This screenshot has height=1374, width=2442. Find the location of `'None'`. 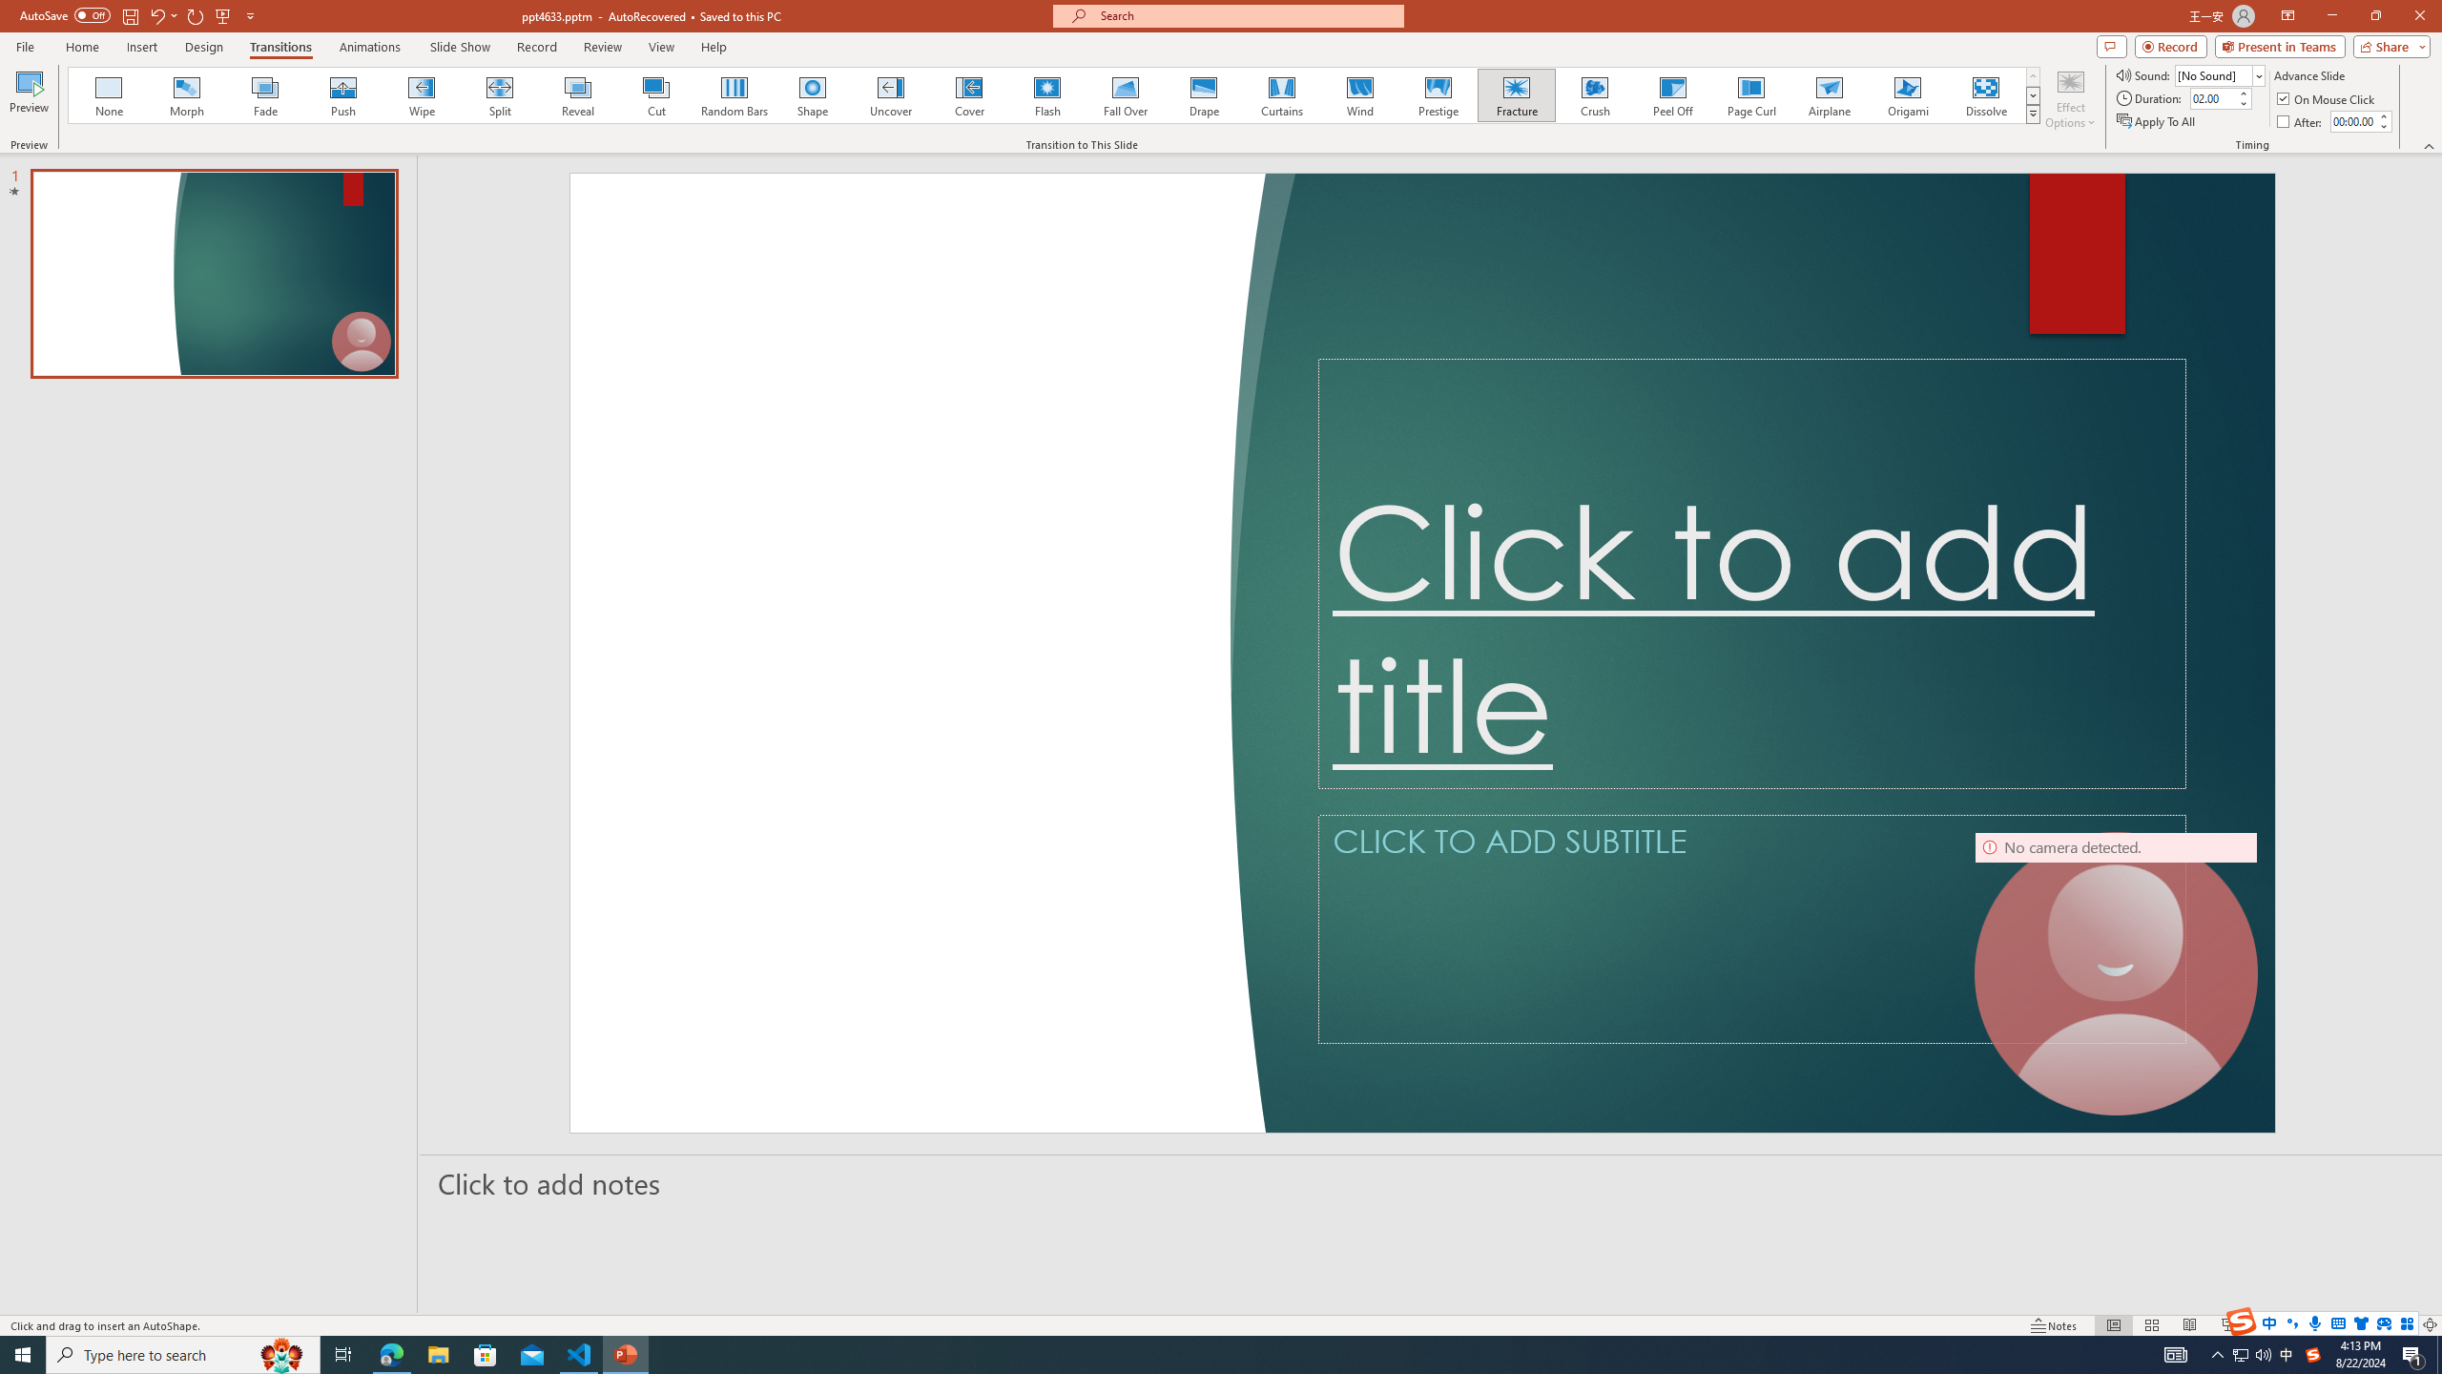

'None' is located at coordinates (109, 94).